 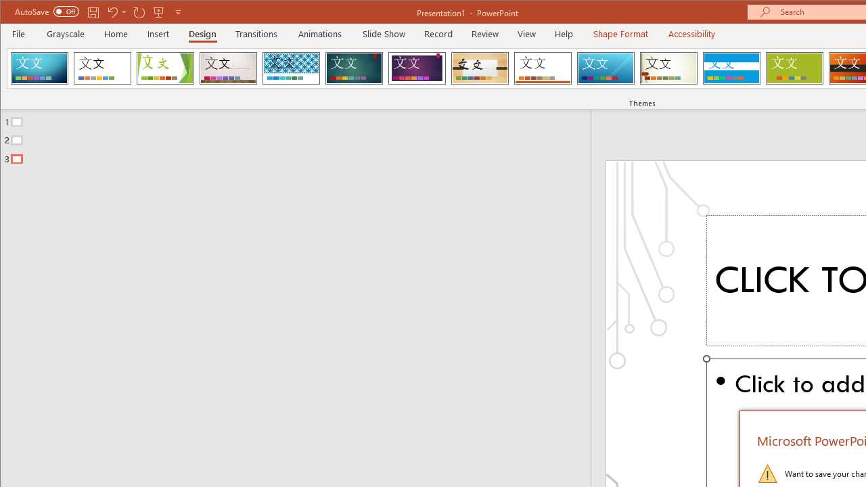 What do you see at coordinates (416, 68) in the screenshot?
I see `'Ion Boardroom'` at bounding box center [416, 68].